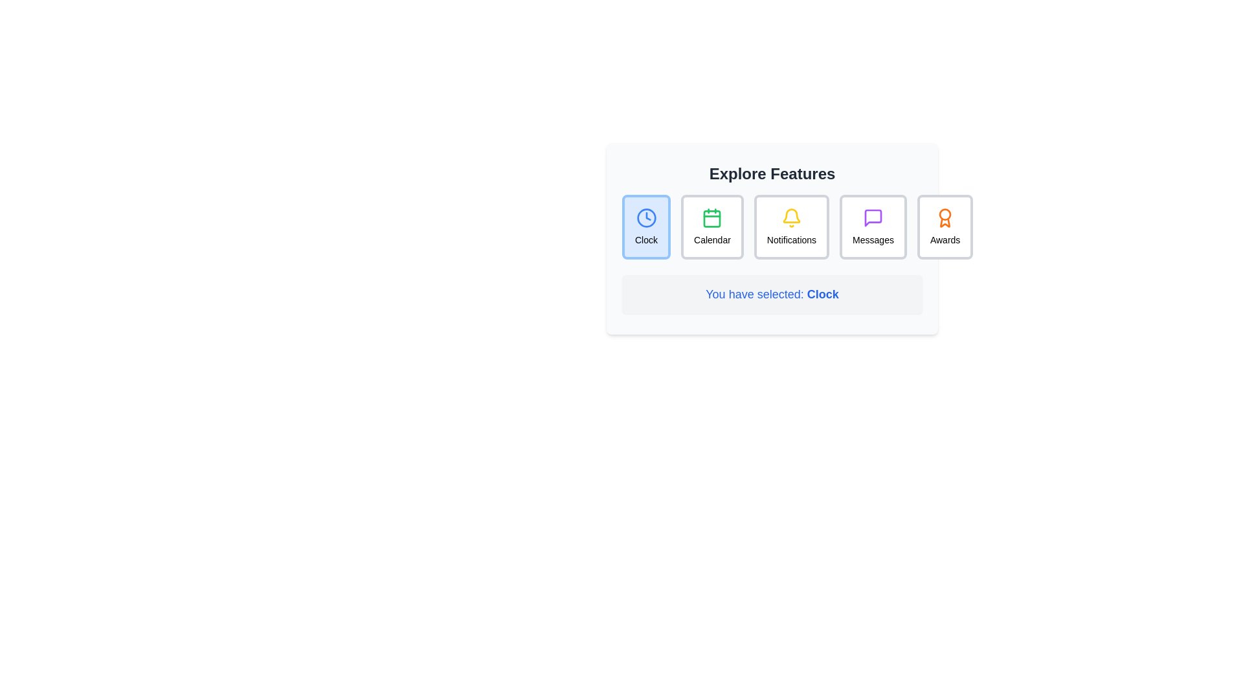 The height and width of the screenshot is (699, 1243). What do you see at coordinates (873, 217) in the screenshot?
I see `the purple speech bubble icon located as the third item from the left under the 'Explore Features' section` at bounding box center [873, 217].